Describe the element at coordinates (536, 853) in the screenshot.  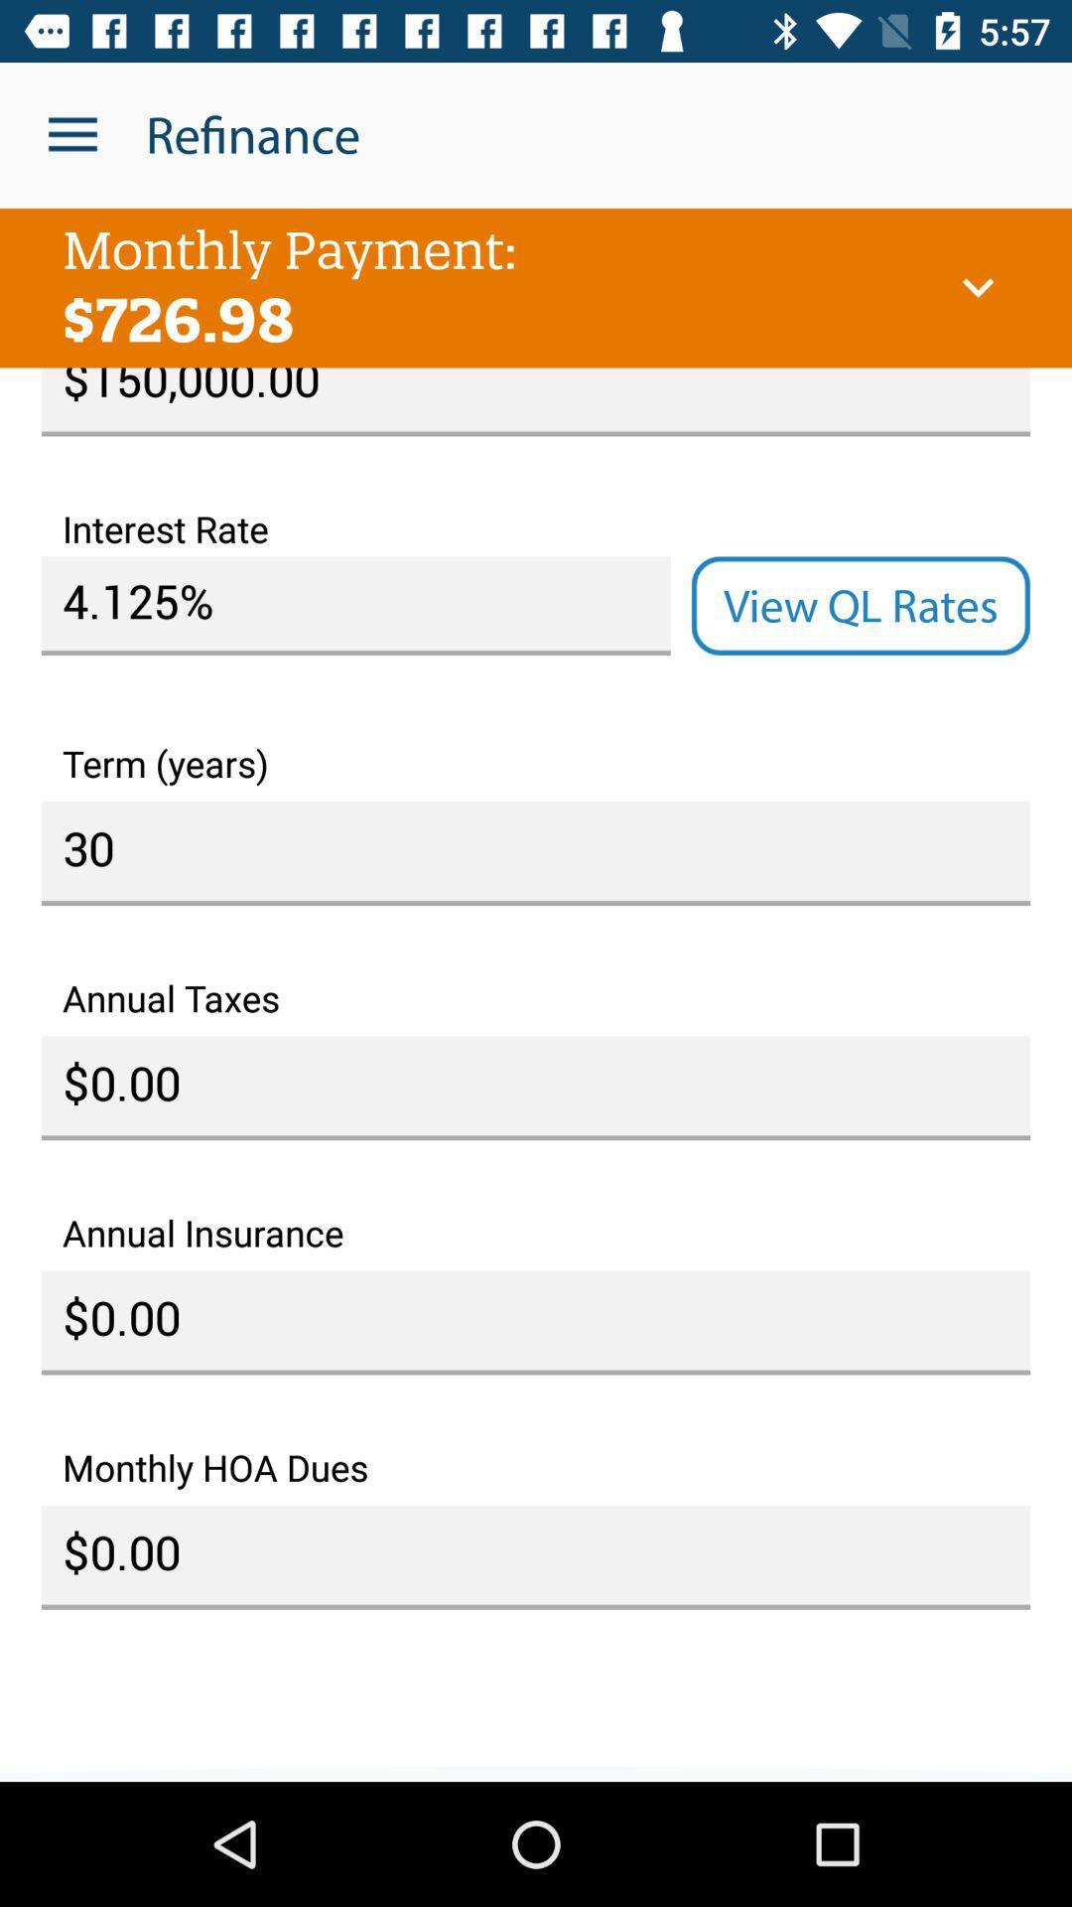
I see `the icon below term (years)` at that location.